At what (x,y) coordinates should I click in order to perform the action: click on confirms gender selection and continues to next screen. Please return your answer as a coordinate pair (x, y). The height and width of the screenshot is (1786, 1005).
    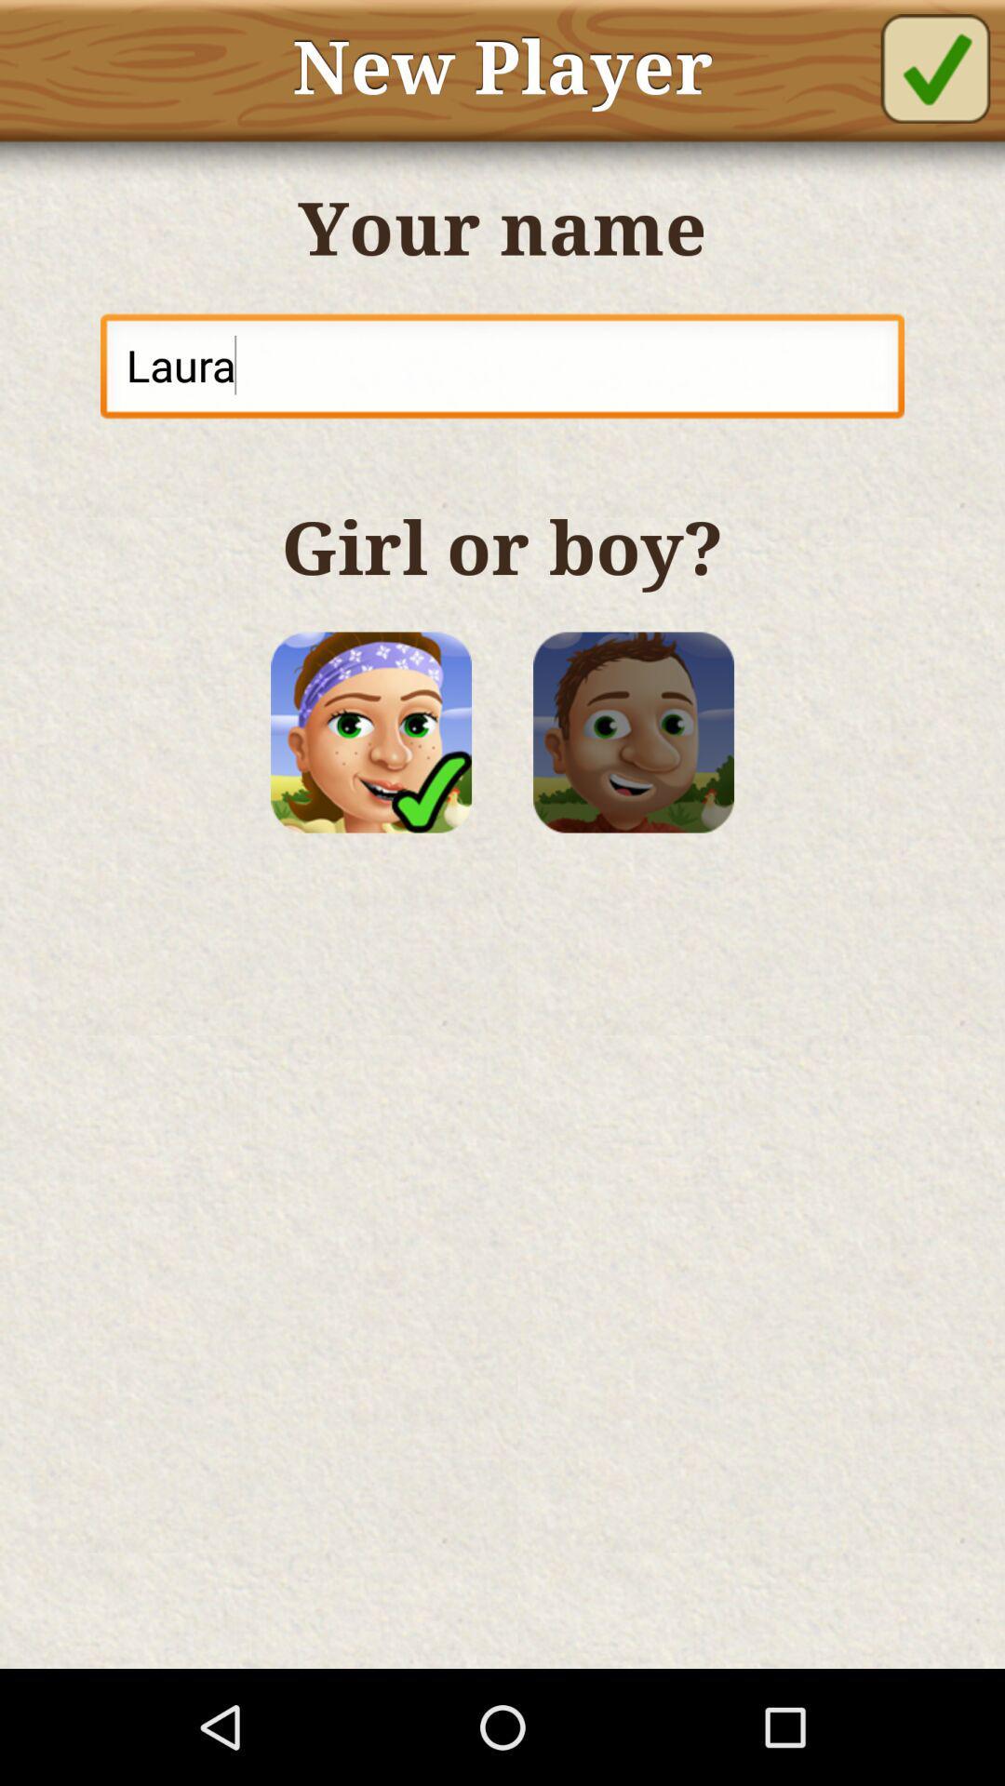
    Looking at the image, I should click on (935, 68).